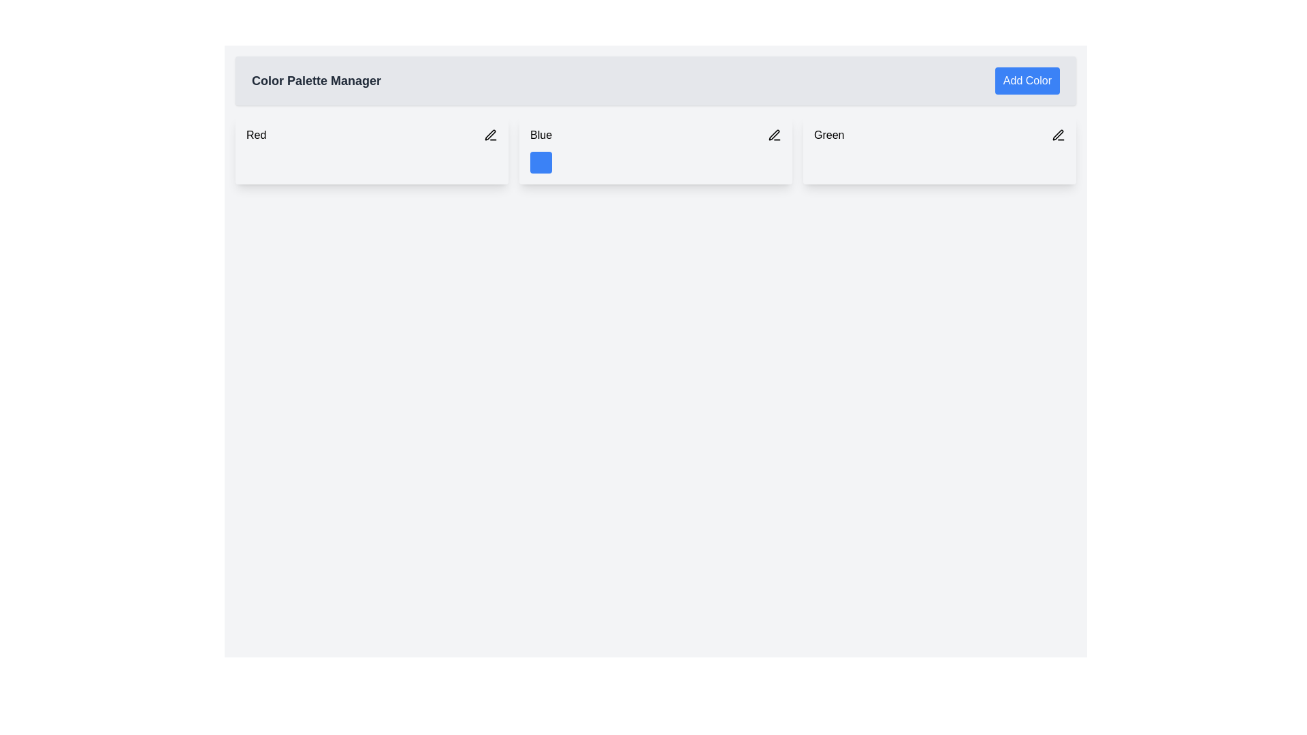 Image resolution: width=1307 pixels, height=735 pixels. What do you see at coordinates (879, 162) in the screenshot?
I see `the third green static visual indicator, which is part of a horizontal sequence of similar elements within the 'Green' card` at bounding box center [879, 162].